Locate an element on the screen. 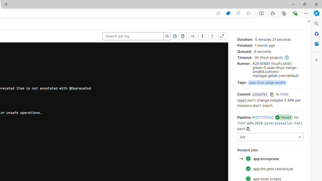 This screenshot has height=181, width=322. 'Scroll to bottom' is located at coordinates (212, 36).